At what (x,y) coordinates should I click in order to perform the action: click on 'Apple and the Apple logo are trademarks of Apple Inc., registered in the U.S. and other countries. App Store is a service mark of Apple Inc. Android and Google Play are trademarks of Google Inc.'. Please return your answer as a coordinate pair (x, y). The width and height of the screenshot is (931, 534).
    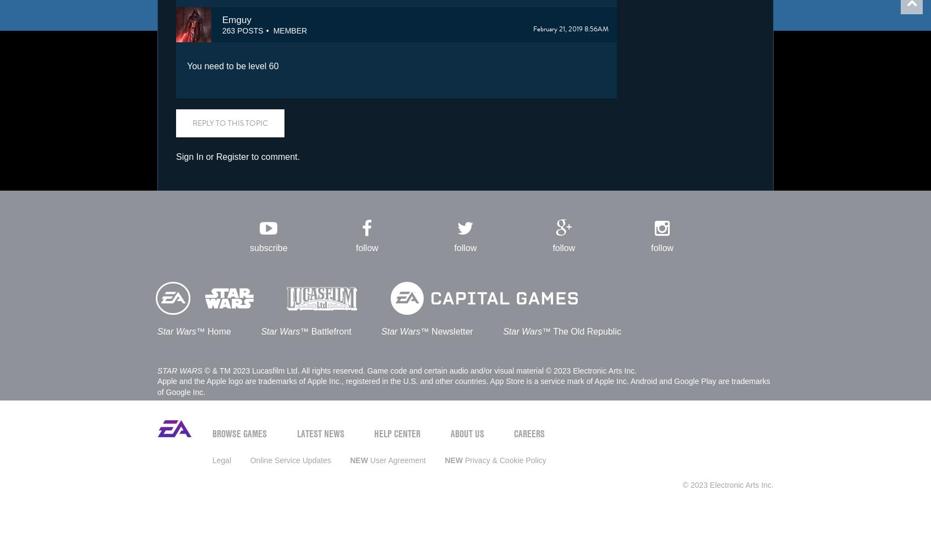
    Looking at the image, I should click on (463, 386).